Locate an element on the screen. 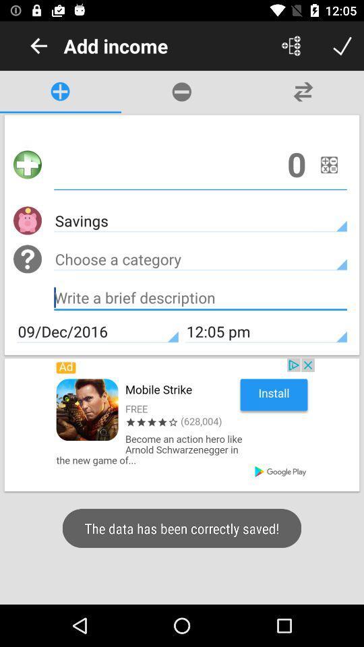 This screenshot has width=364, height=647. go back is located at coordinates (38, 46).